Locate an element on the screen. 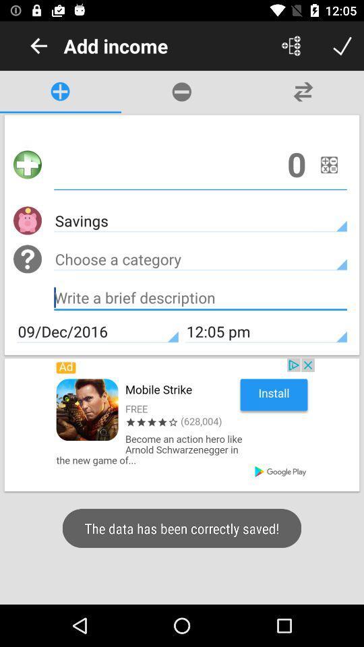 This screenshot has width=364, height=647. go back is located at coordinates (38, 46).